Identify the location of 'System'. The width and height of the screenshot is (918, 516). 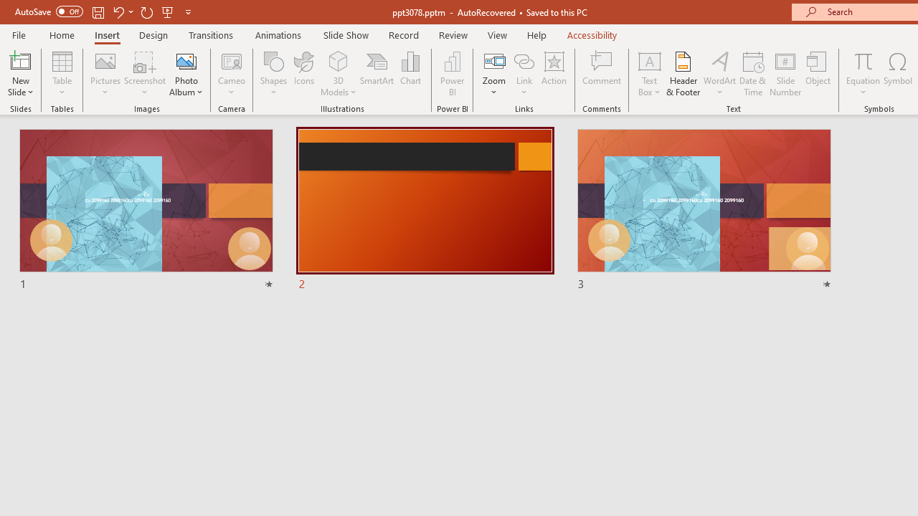
(7, 8).